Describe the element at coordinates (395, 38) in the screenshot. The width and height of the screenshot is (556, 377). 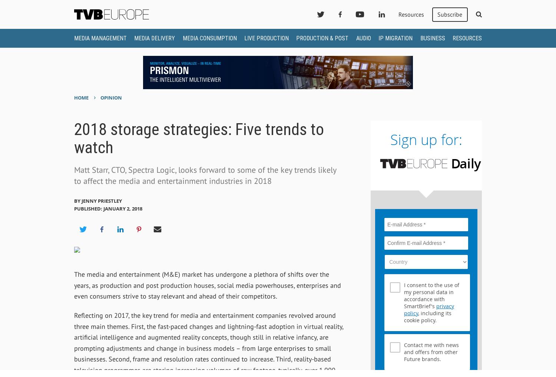
I see `'IP Migration'` at that location.